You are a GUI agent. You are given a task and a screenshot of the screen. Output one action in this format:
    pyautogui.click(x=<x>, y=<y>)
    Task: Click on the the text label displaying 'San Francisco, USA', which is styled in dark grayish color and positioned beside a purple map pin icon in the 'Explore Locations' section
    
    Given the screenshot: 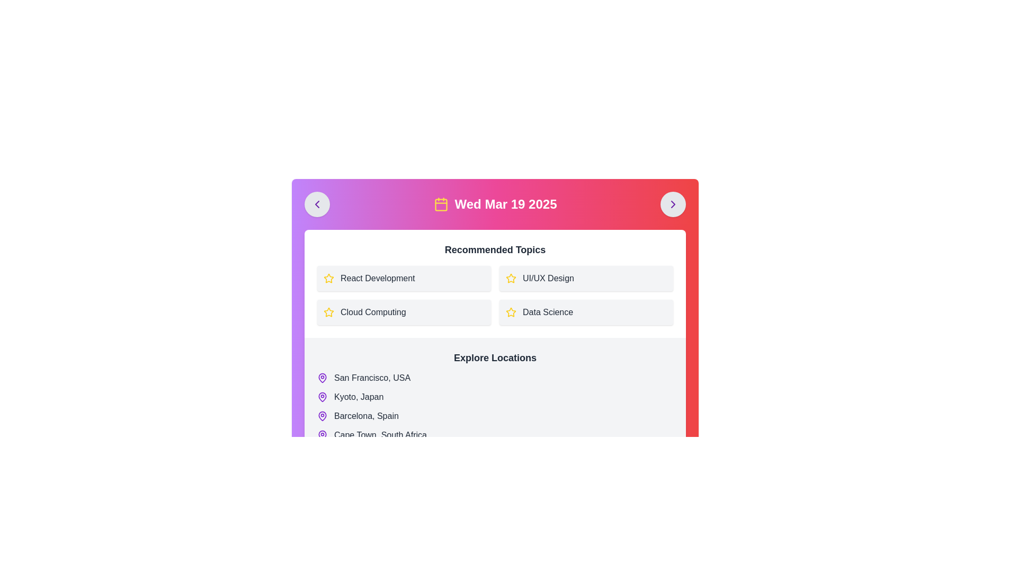 What is the action you would take?
    pyautogui.click(x=372, y=377)
    